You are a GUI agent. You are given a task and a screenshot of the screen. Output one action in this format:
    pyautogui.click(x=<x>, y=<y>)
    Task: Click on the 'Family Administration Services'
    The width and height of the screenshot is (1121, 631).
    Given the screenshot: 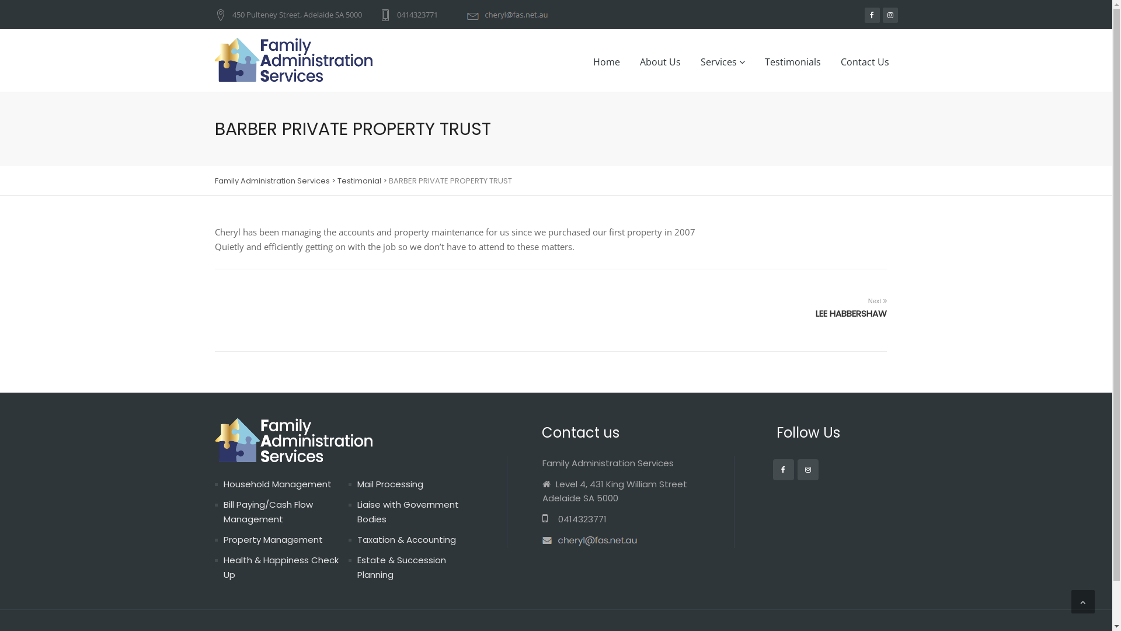 What is the action you would take?
    pyautogui.click(x=271, y=181)
    